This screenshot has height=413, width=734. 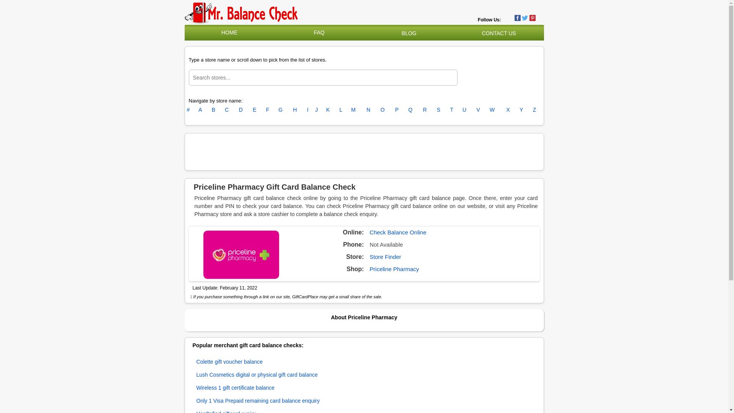 What do you see at coordinates (295, 109) in the screenshot?
I see `'H'` at bounding box center [295, 109].